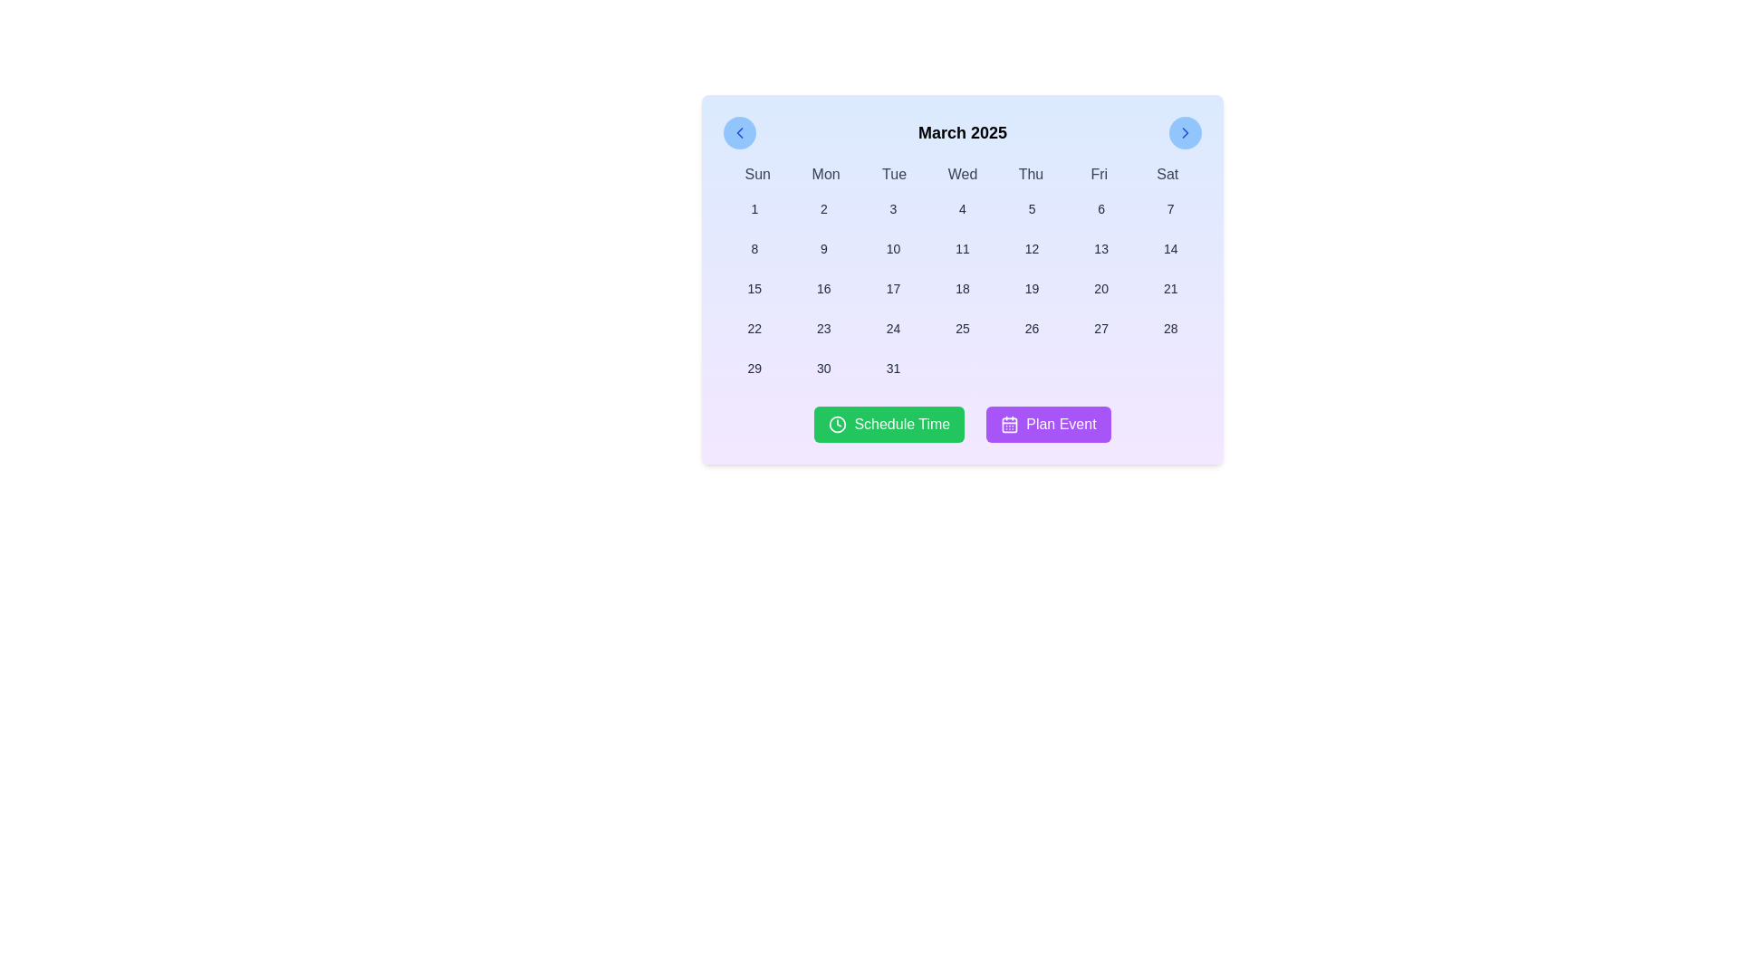 Image resolution: width=1739 pixels, height=978 pixels. What do you see at coordinates (822, 368) in the screenshot?
I see `the small rectangular button labeled '30' in the calendar grid to visualize its hover effects` at bounding box center [822, 368].